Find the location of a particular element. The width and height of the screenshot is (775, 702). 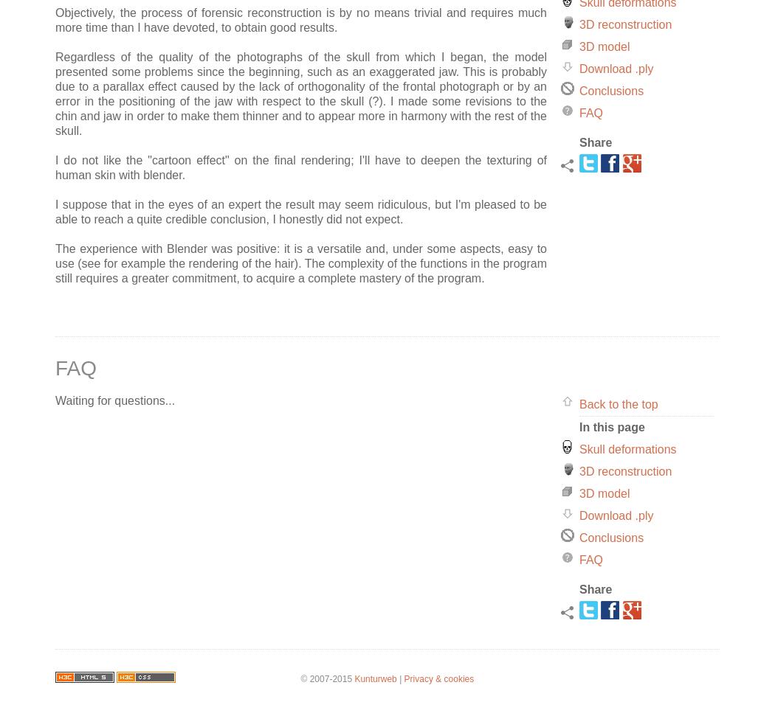

'Regardless of the quality of the photographs of the skull from which 
	I began, the model presented some problems since the beginning, such 
	as an exaggerated jaw. This is probably due to a parallax effect 
	caused by the lack of orthogonality of the frontal photograph or by 
	an error in the positioning of the jaw with respect to the skull (?). 
	I made some revisions to the chin and jaw in order to make them thinner 
	and to appear more in harmony with the rest of the skull.' is located at coordinates (301, 93).